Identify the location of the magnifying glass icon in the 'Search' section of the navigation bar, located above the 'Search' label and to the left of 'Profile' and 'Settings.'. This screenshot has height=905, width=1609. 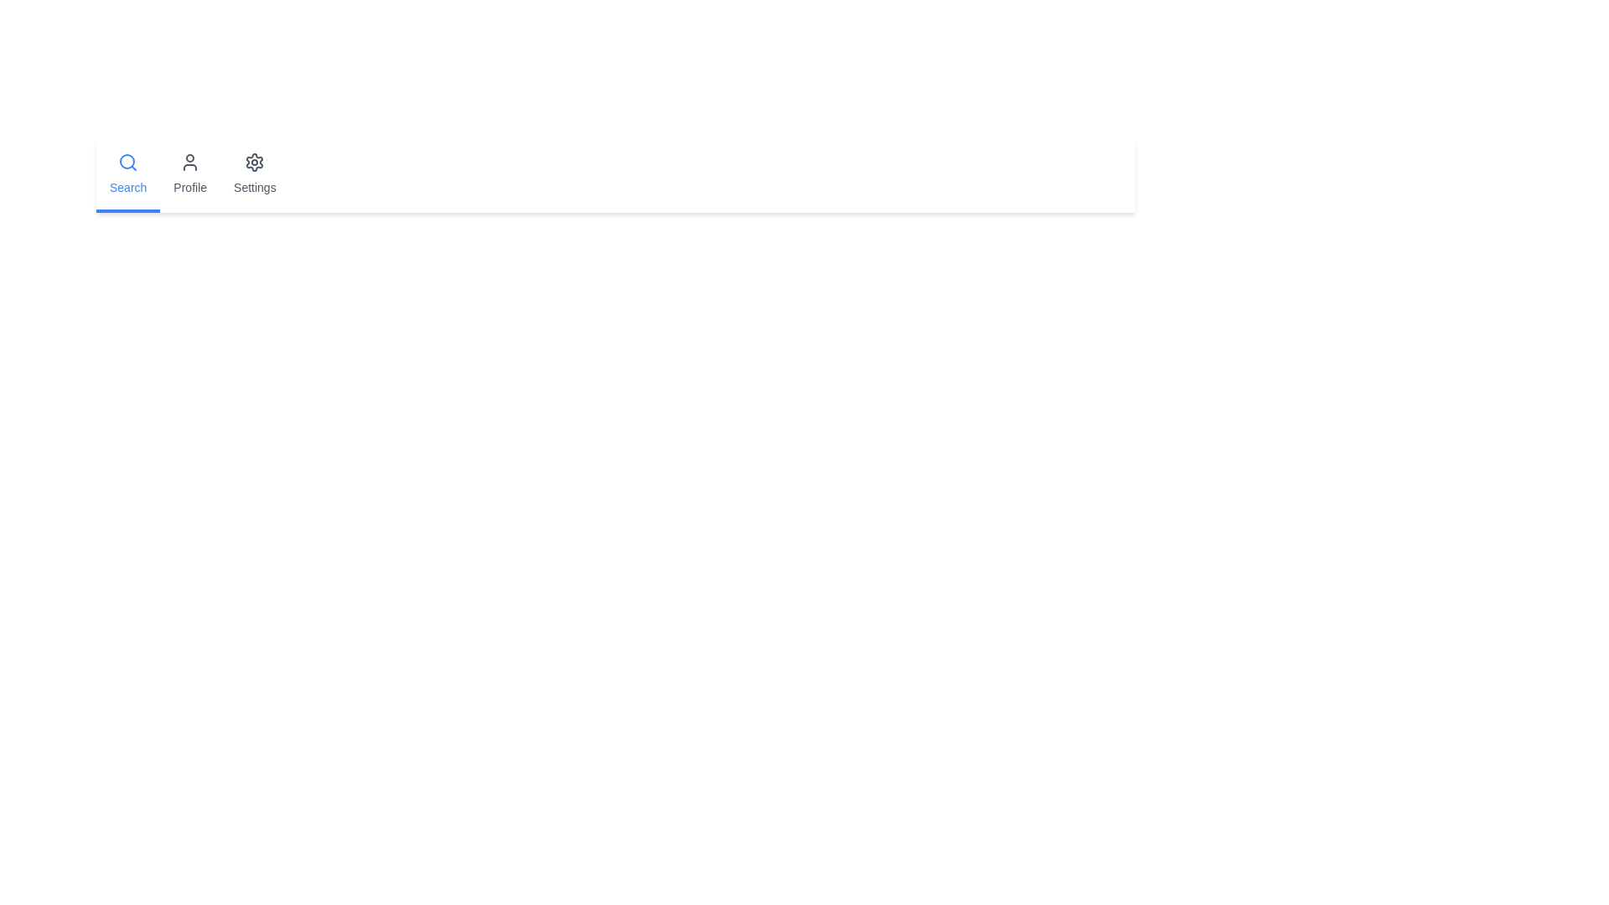
(127, 162).